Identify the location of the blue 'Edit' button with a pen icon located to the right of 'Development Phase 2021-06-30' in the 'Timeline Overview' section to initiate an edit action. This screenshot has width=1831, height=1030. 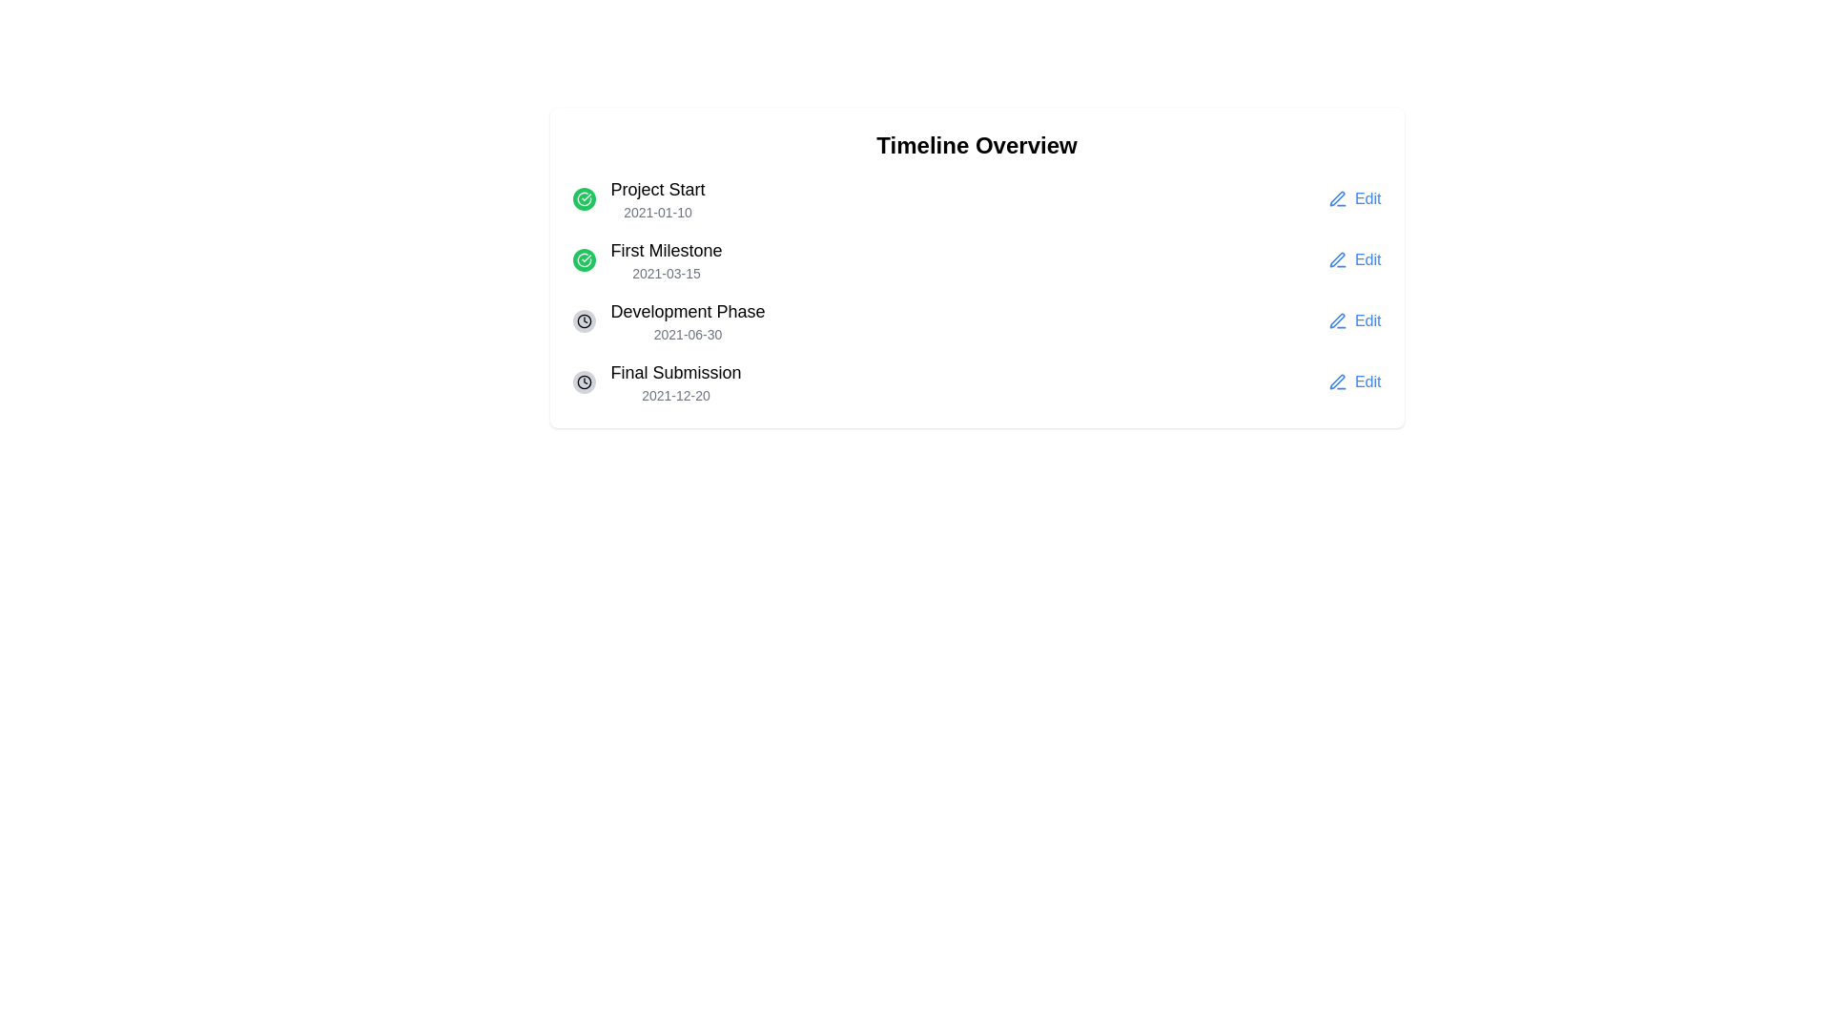
(1353, 319).